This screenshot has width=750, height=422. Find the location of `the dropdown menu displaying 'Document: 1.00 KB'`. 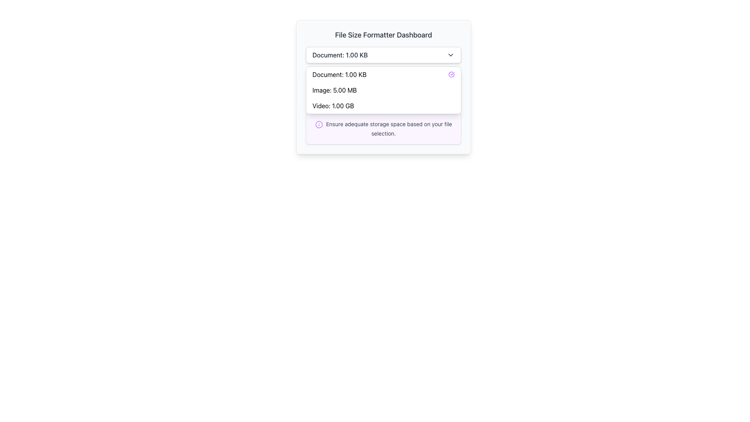

the dropdown menu displaying 'Document: 1.00 KB' is located at coordinates (384, 55).